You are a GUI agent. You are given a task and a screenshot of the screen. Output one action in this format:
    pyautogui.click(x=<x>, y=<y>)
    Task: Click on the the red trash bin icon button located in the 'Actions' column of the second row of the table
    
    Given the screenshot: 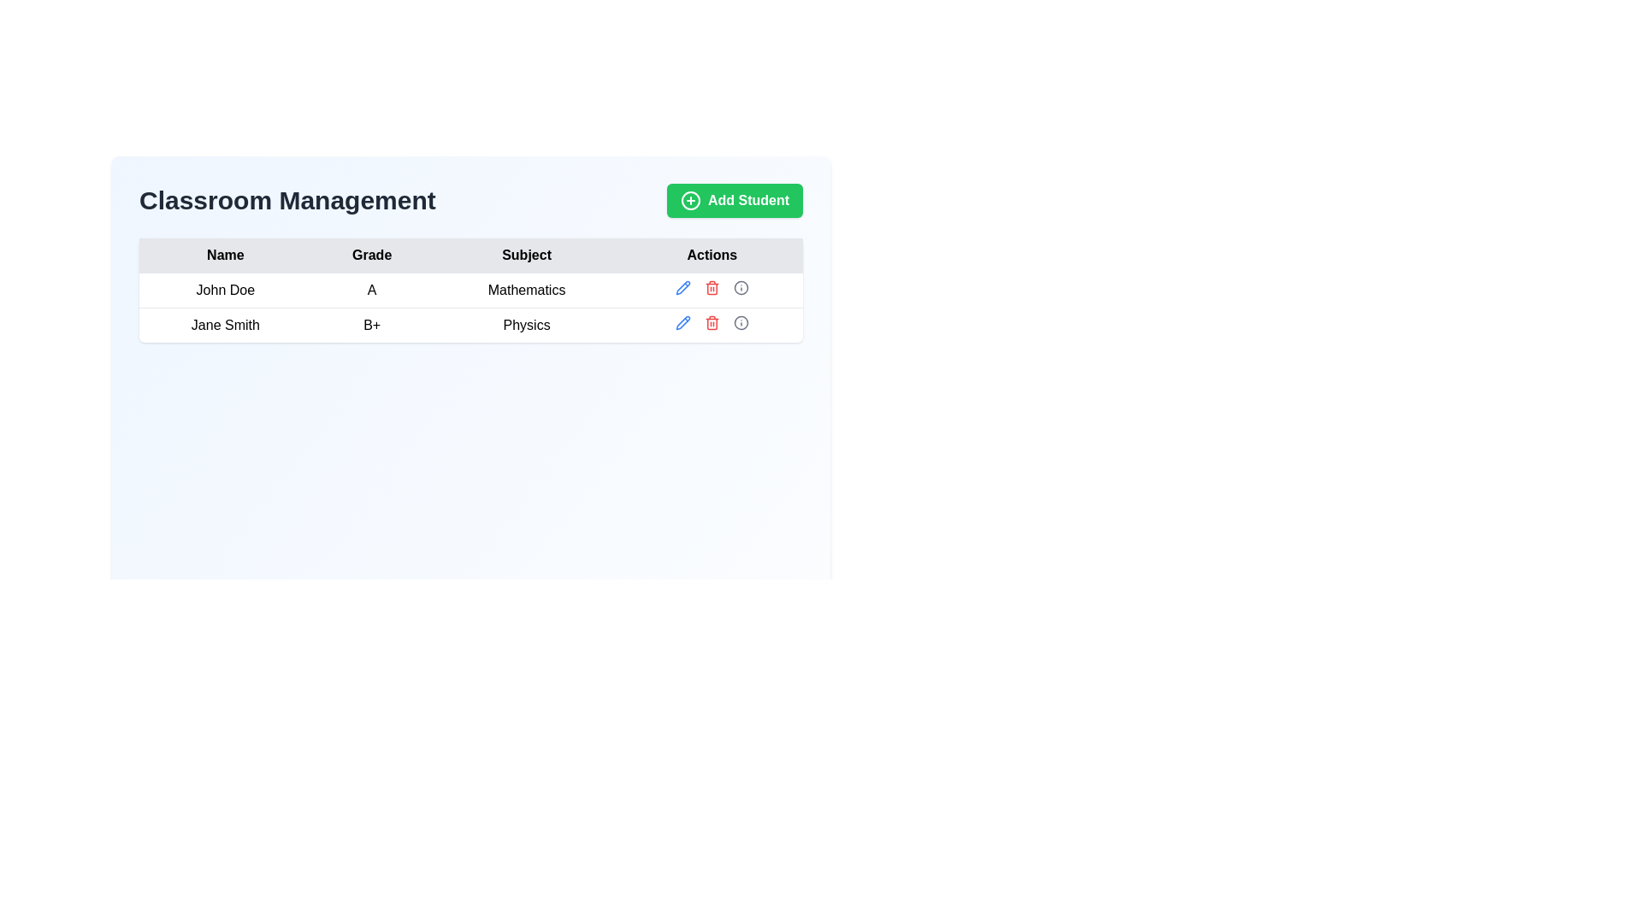 What is the action you would take?
    pyautogui.click(x=712, y=323)
    